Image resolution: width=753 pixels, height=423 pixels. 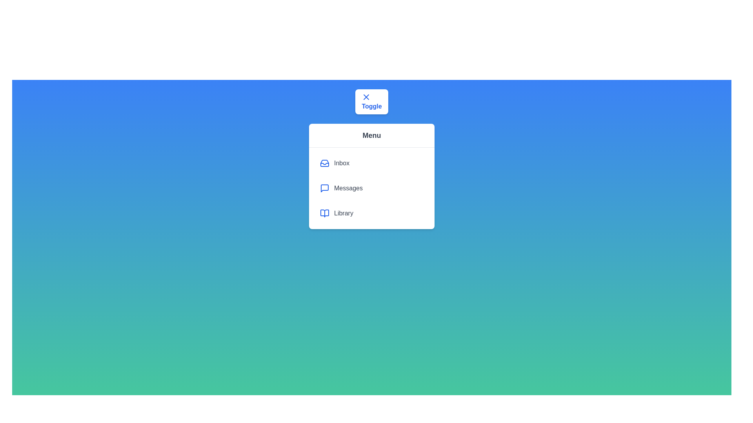 I want to click on the menu item Library from the list, so click(x=371, y=213).